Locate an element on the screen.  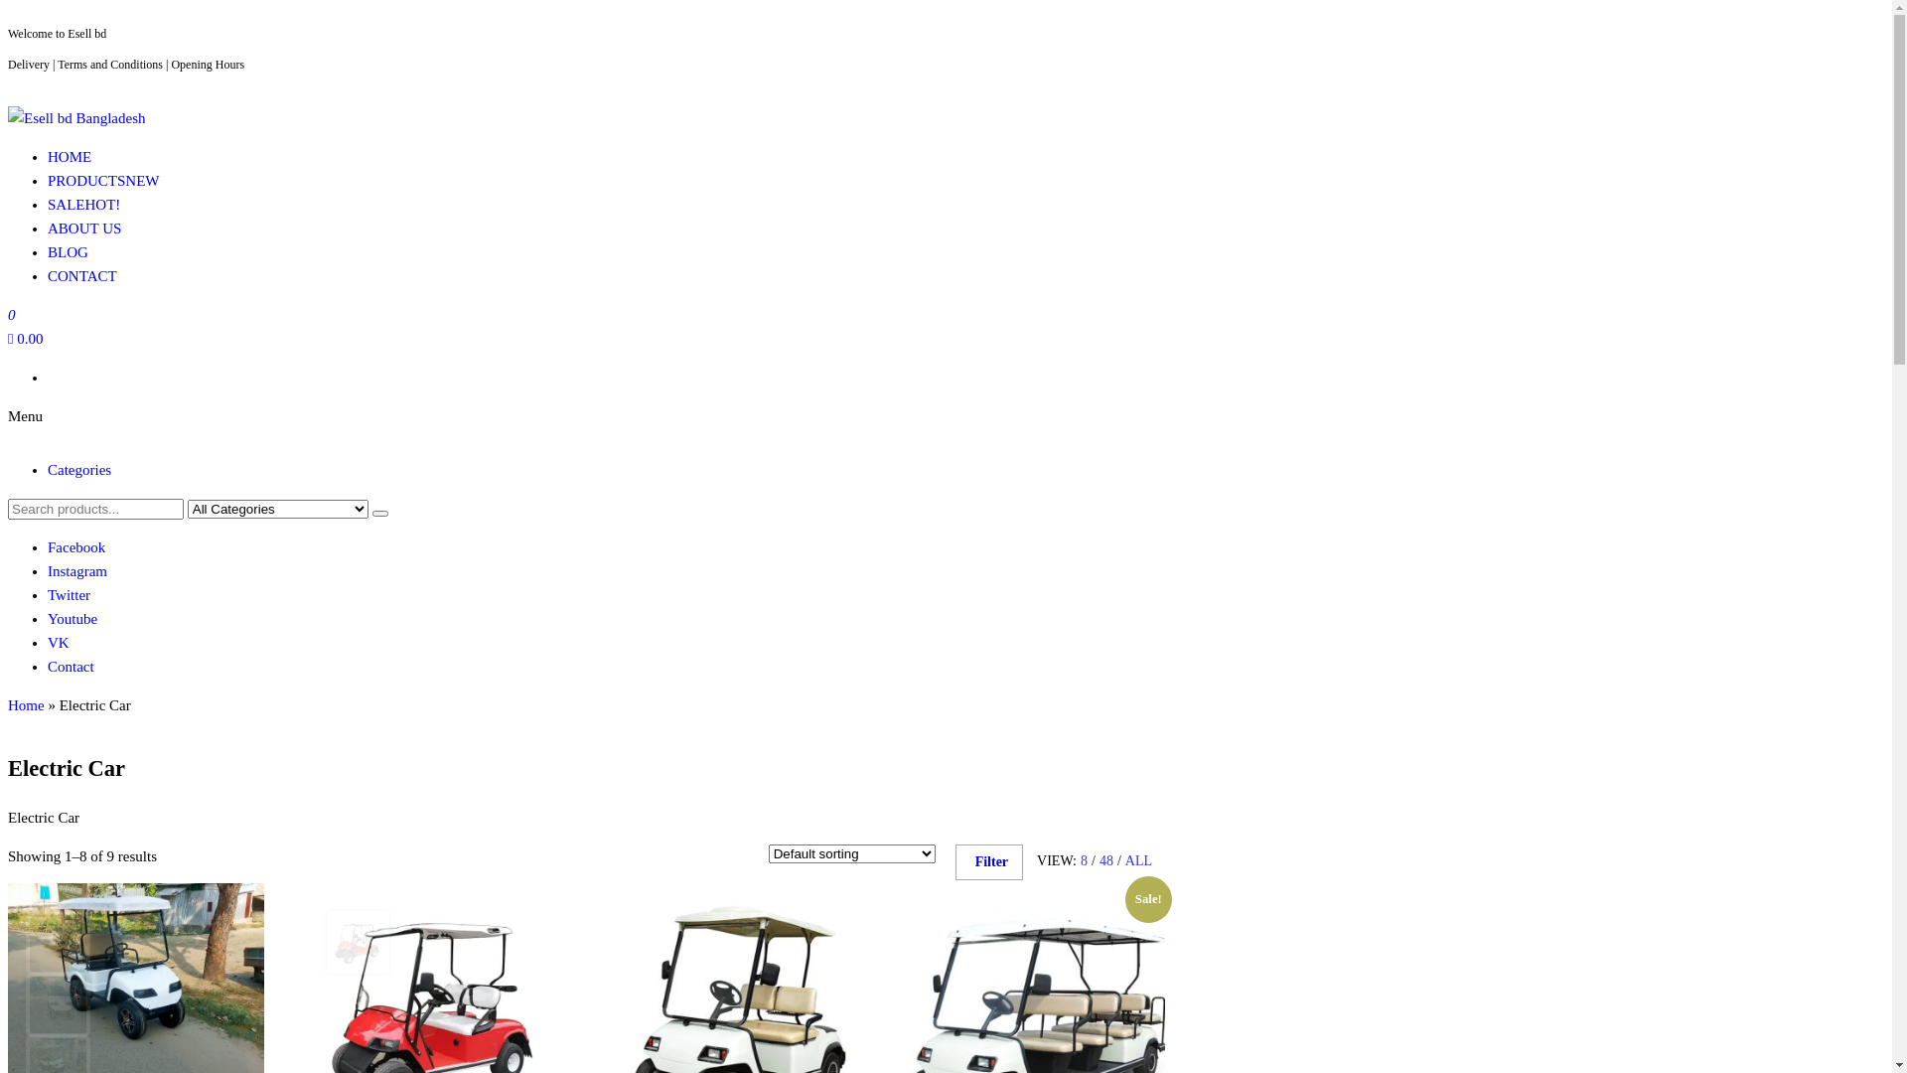
'ALL' is located at coordinates (1124, 859).